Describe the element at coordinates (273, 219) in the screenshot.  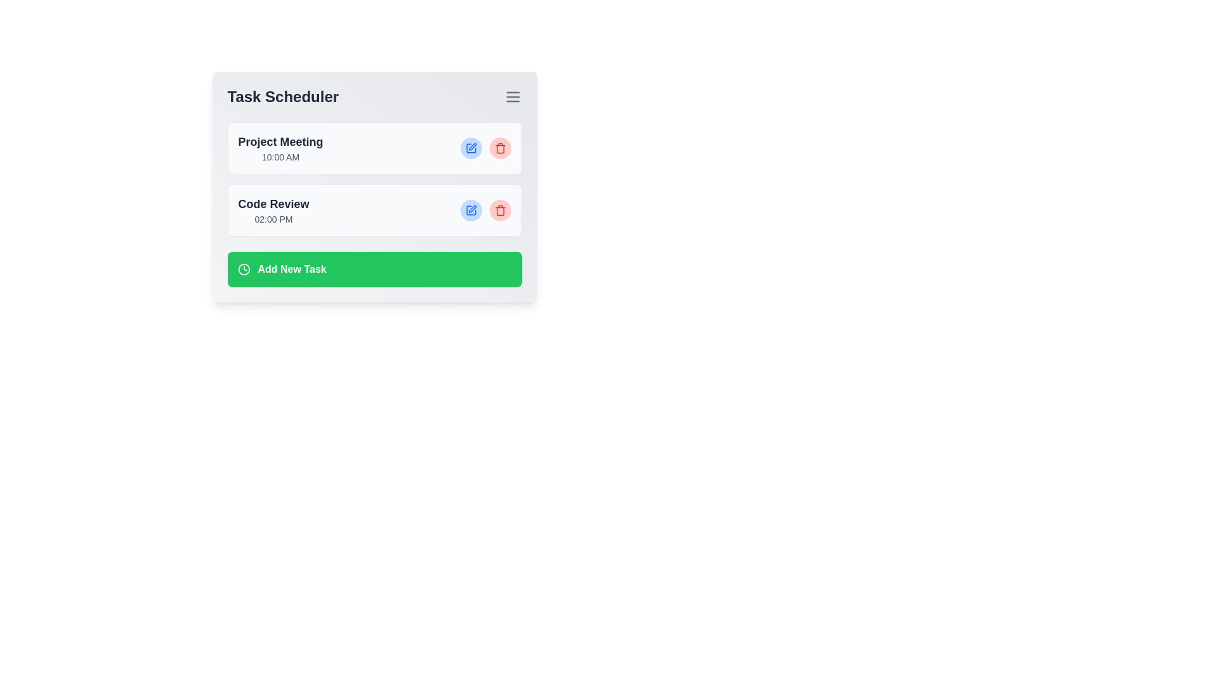
I see `static informational text label displaying the scheduled time for the event titled 'Code Review', located underneath the title within the second task entry of a vertically arranged list in the task scheduler interface` at that location.